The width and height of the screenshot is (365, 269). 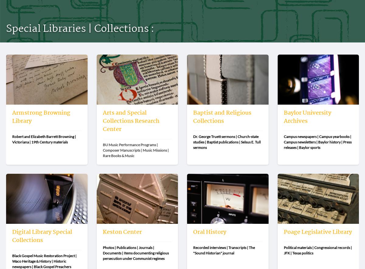 I want to click on 'BU Music Performance Programs | Composer Manuscripts | Music Missions | Rare Books & Music', so click(x=136, y=150).